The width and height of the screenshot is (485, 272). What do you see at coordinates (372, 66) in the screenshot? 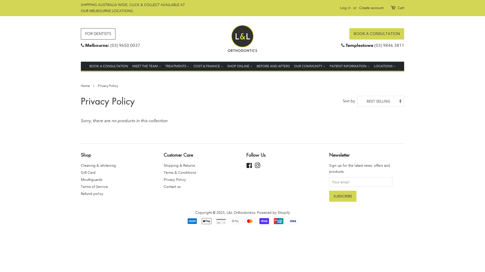
I see `'LOCATIONS'` at bounding box center [372, 66].